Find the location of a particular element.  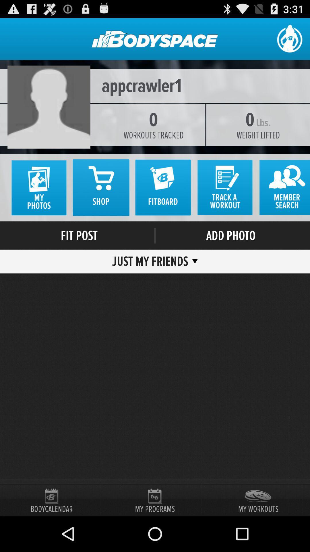

the item above just my friends item is located at coordinates (155, 236).